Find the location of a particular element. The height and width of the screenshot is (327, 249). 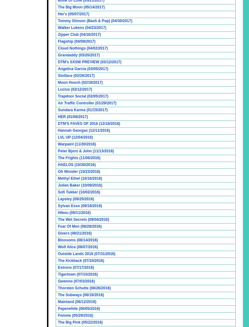

'Air Traffic Controller (01/29/2017)' is located at coordinates (87, 103).